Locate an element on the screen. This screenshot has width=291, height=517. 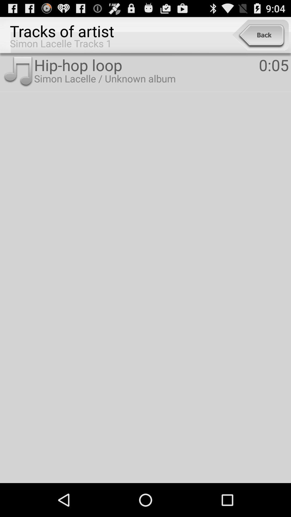
the item next to 0:05 item is located at coordinates (146, 65).